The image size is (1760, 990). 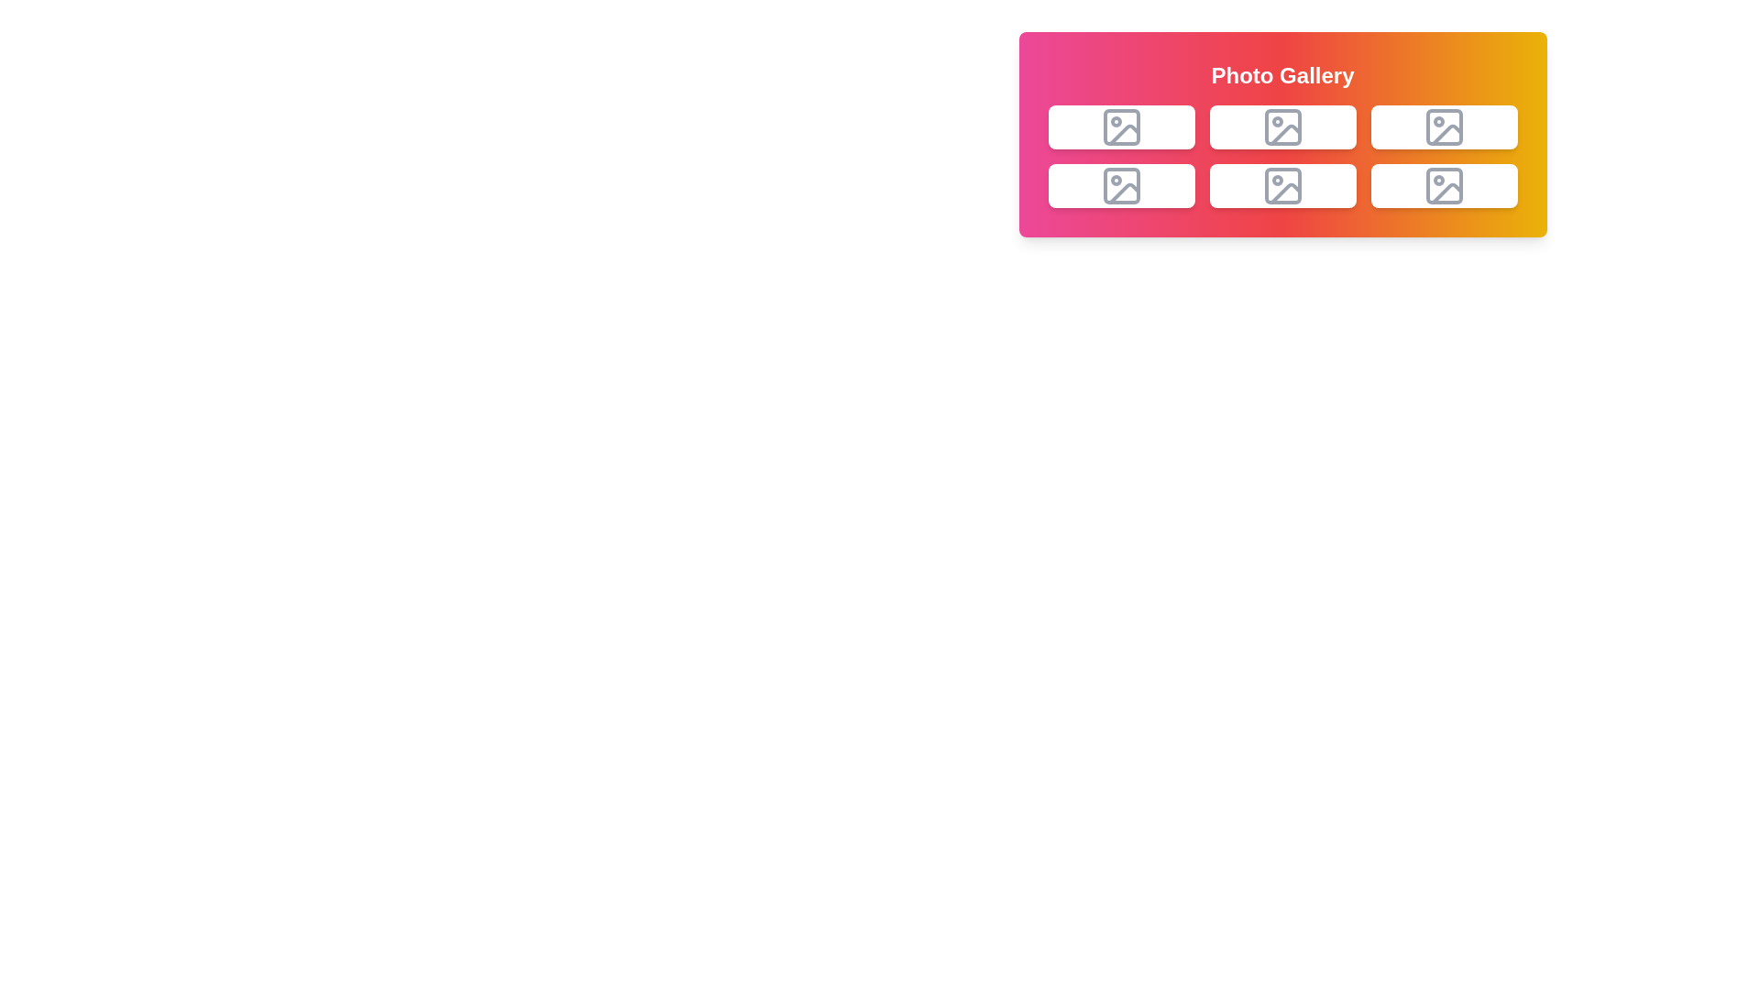 What do you see at coordinates (1281, 186) in the screenshot?
I see `the Image placeholder, which is a rounded rectangle with a white background and a gray framed image icon, located in the second row, middle column of the Photo Gallery grid` at bounding box center [1281, 186].